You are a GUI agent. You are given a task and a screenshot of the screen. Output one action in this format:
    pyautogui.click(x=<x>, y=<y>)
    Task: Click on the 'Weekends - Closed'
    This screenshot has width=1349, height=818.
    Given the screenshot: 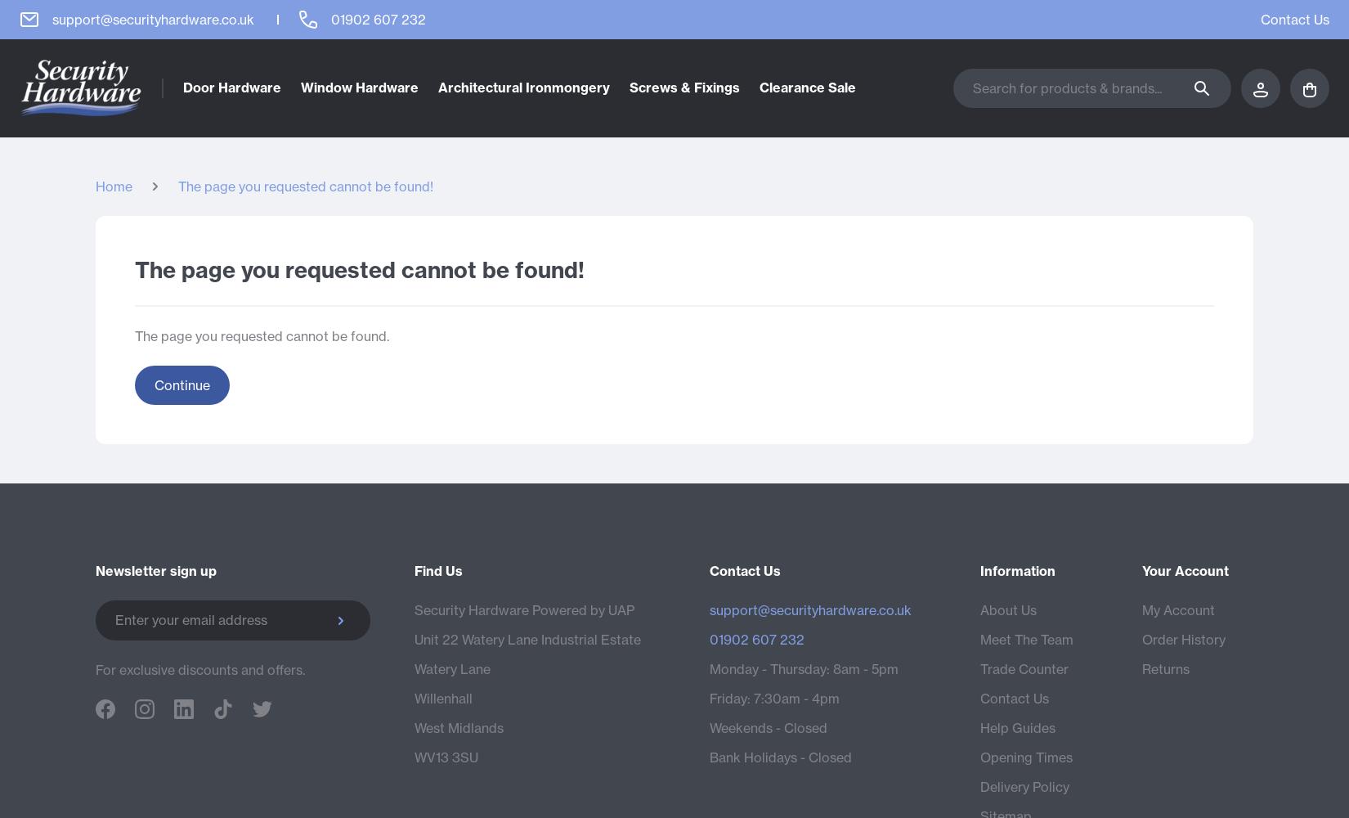 What is the action you would take?
    pyautogui.click(x=710, y=727)
    